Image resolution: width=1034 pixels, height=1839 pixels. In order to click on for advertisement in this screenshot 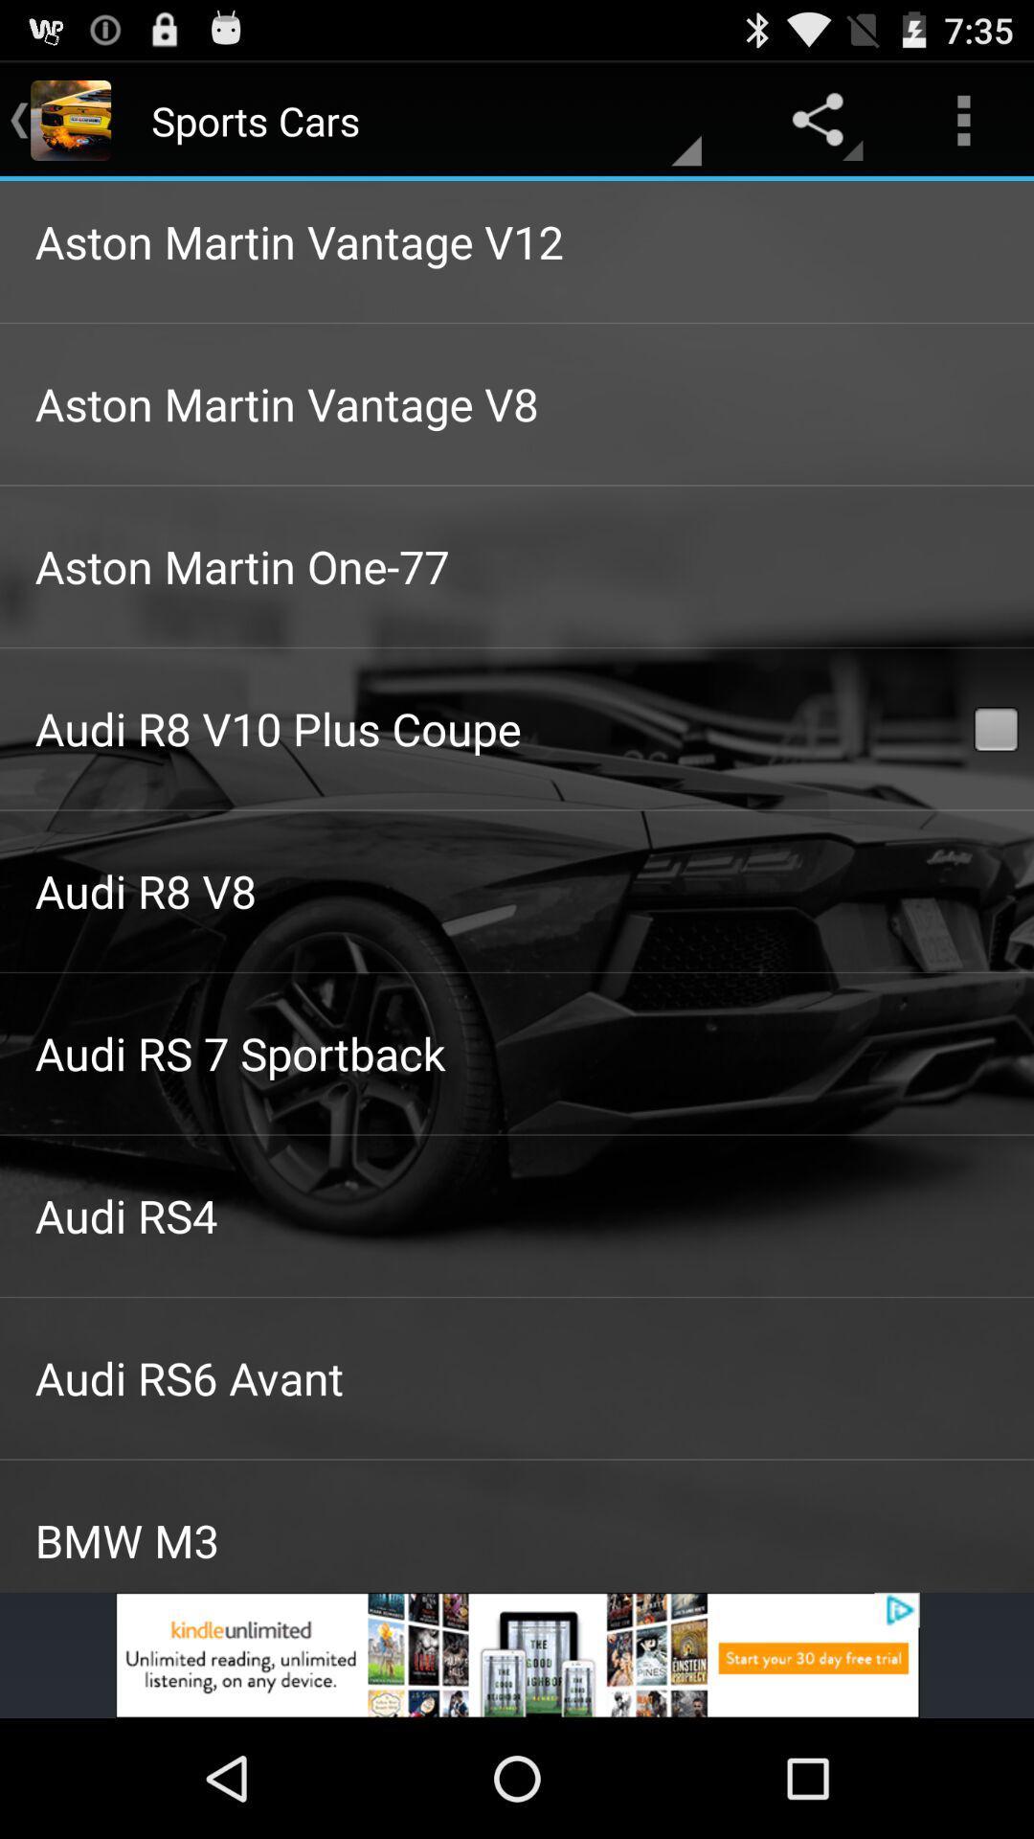, I will do `click(517, 1654)`.